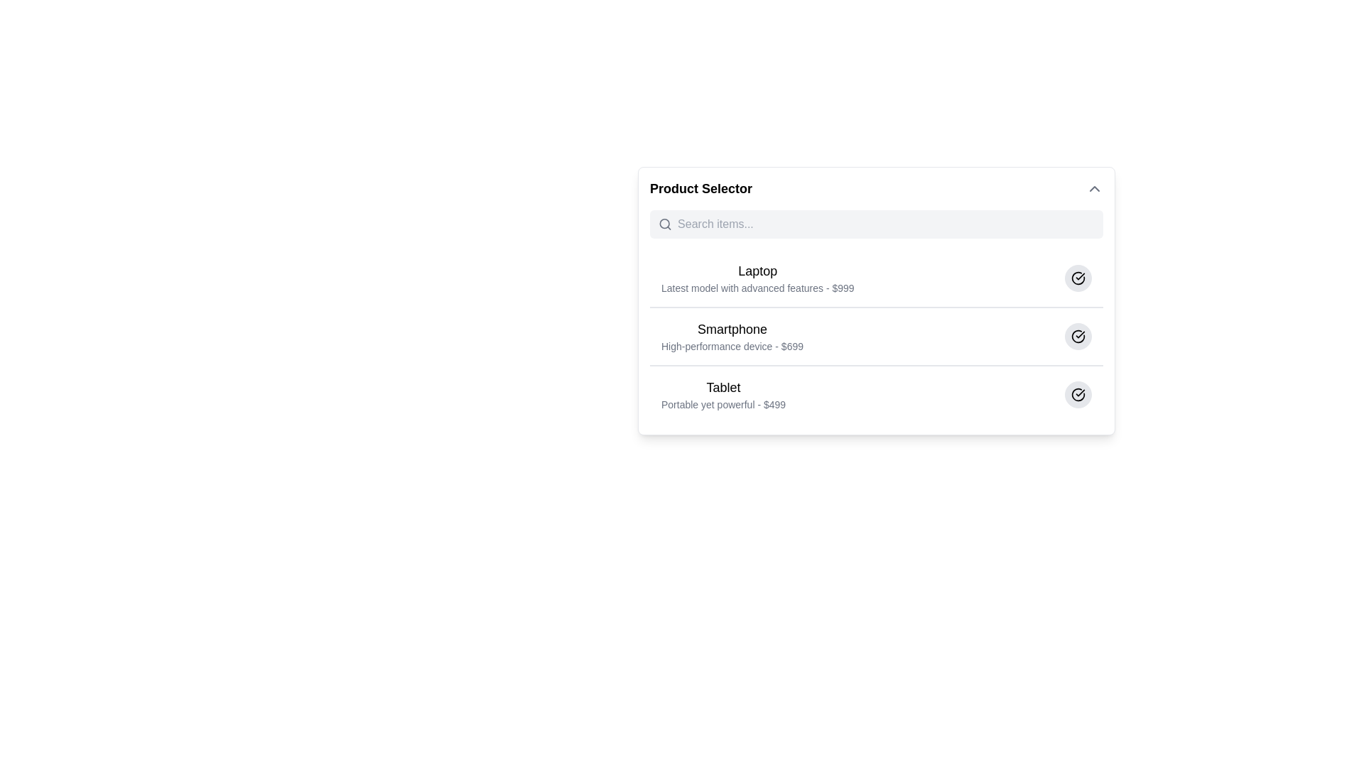  Describe the element at coordinates (723, 388) in the screenshot. I see `the static text label that reads 'Tablet', which is a bold, larger font label in a card-like interface titled 'Product Selector', positioned above the descriptive text 'Portable yet powerful - $499'` at that location.